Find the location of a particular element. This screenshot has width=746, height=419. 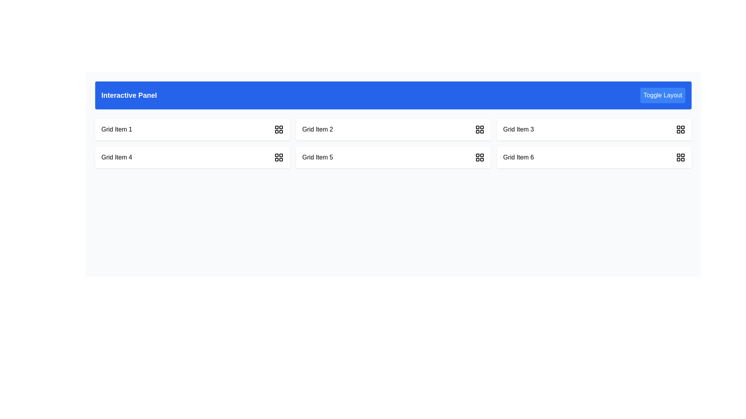

the Text Label that serves as an identifier or label for an item in a grid layout, positioned on the left-most side of the second row beneath 'Grid Item 1' is located at coordinates (116, 157).